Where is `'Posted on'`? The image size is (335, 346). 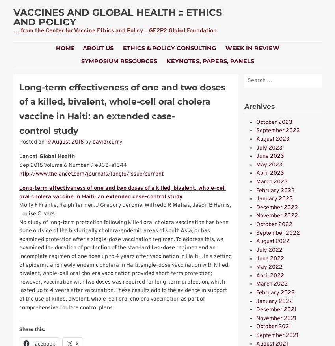
'Posted on' is located at coordinates (19, 142).